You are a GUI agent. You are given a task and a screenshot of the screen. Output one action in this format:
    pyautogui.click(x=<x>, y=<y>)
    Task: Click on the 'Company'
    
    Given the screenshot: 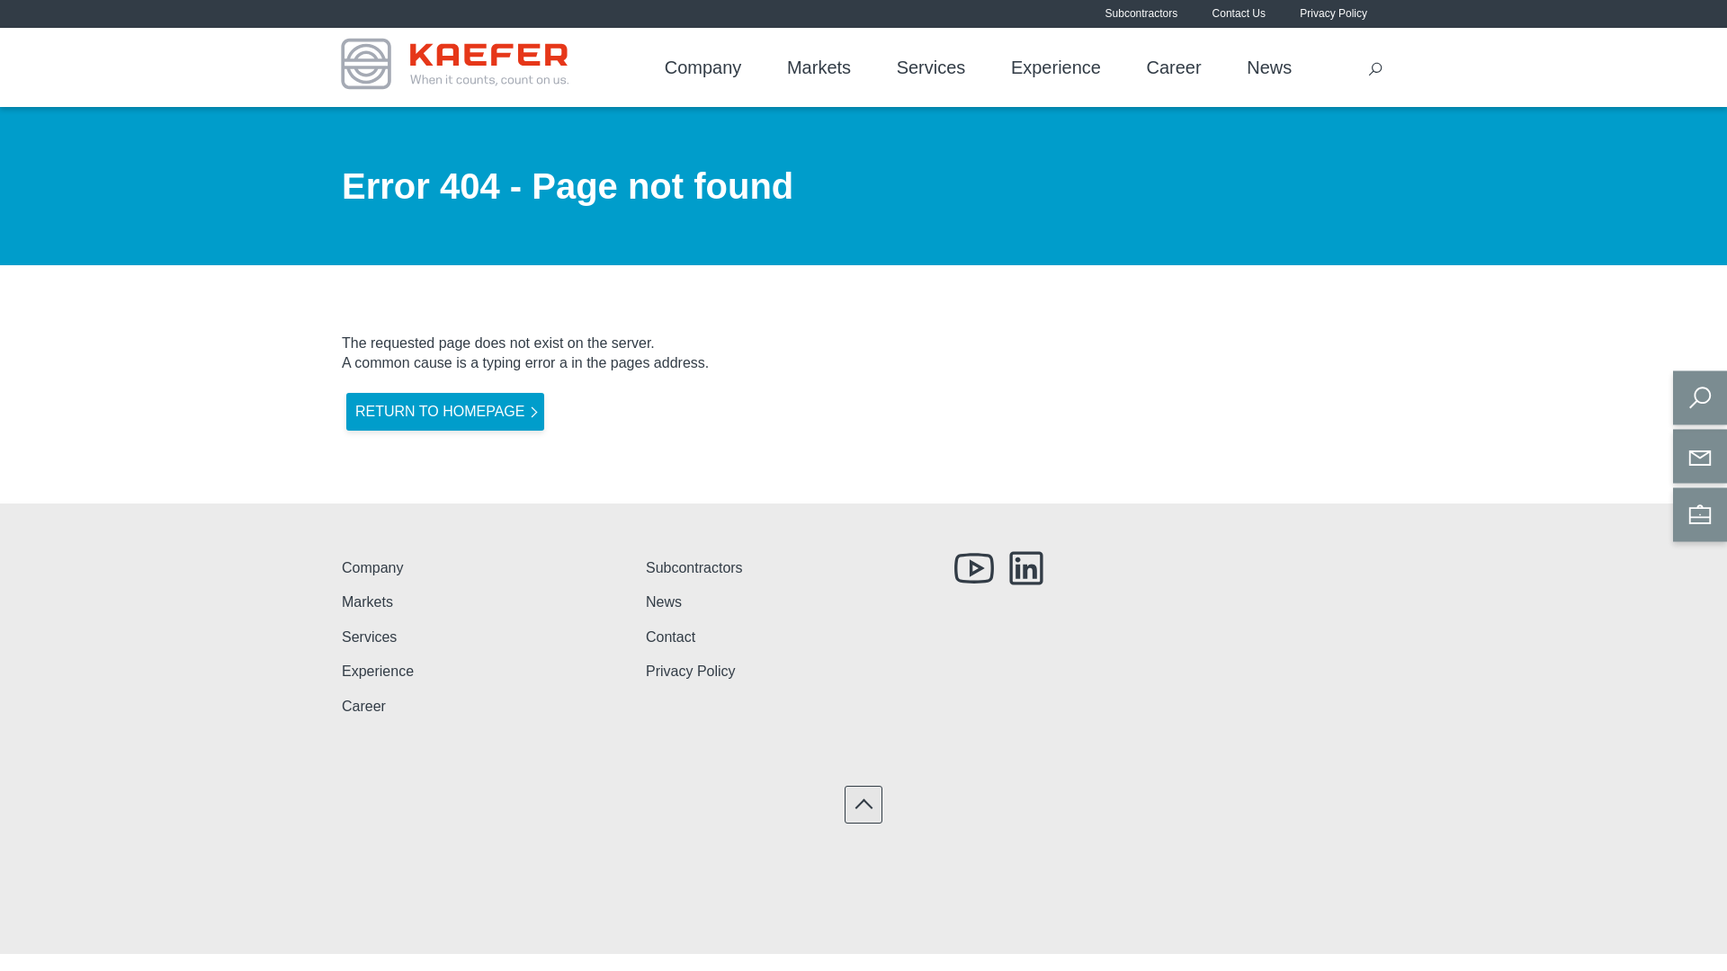 What is the action you would take?
    pyautogui.click(x=371, y=568)
    